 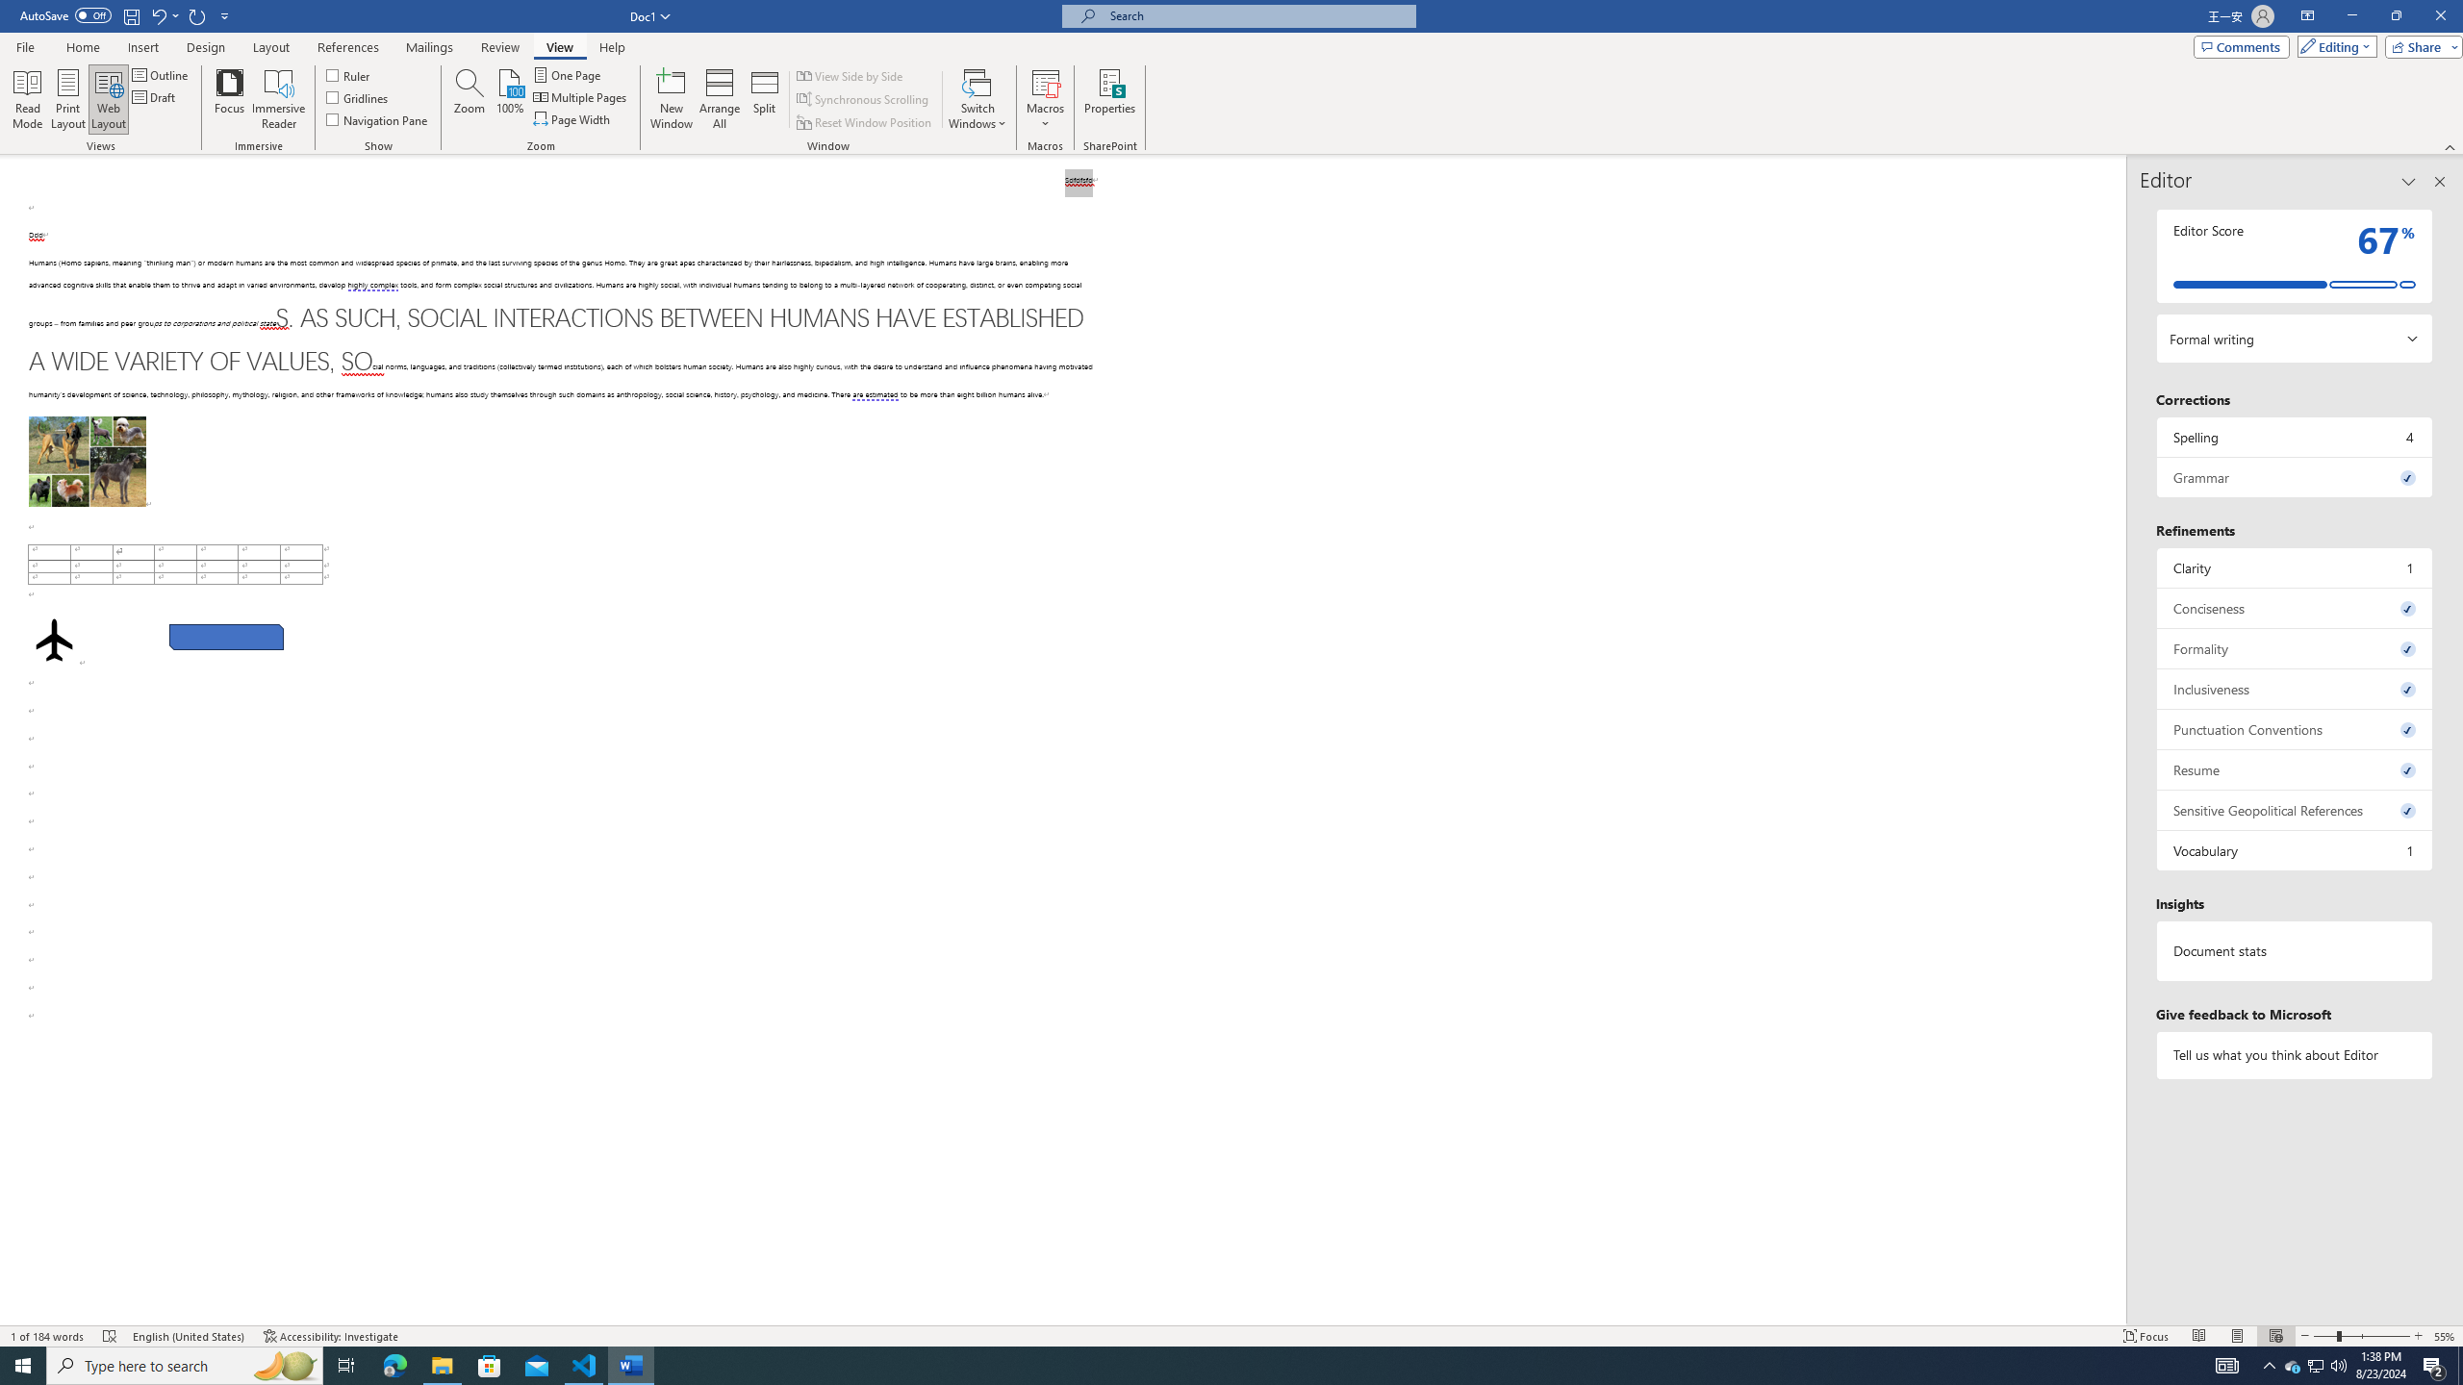 I want to click on 'Zoom 55%', so click(x=2445, y=1336).